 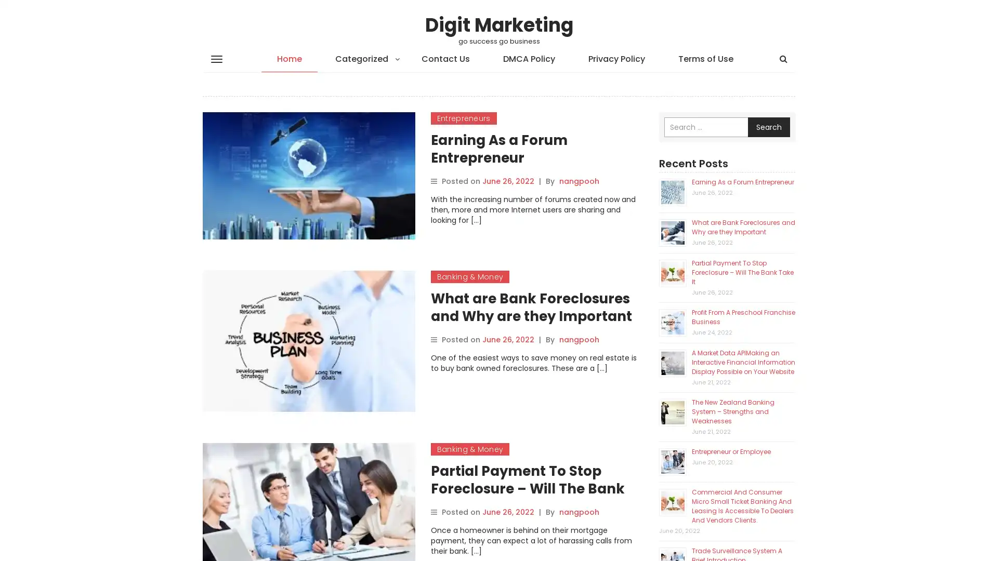 What do you see at coordinates (769, 127) in the screenshot?
I see `Search` at bounding box center [769, 127].